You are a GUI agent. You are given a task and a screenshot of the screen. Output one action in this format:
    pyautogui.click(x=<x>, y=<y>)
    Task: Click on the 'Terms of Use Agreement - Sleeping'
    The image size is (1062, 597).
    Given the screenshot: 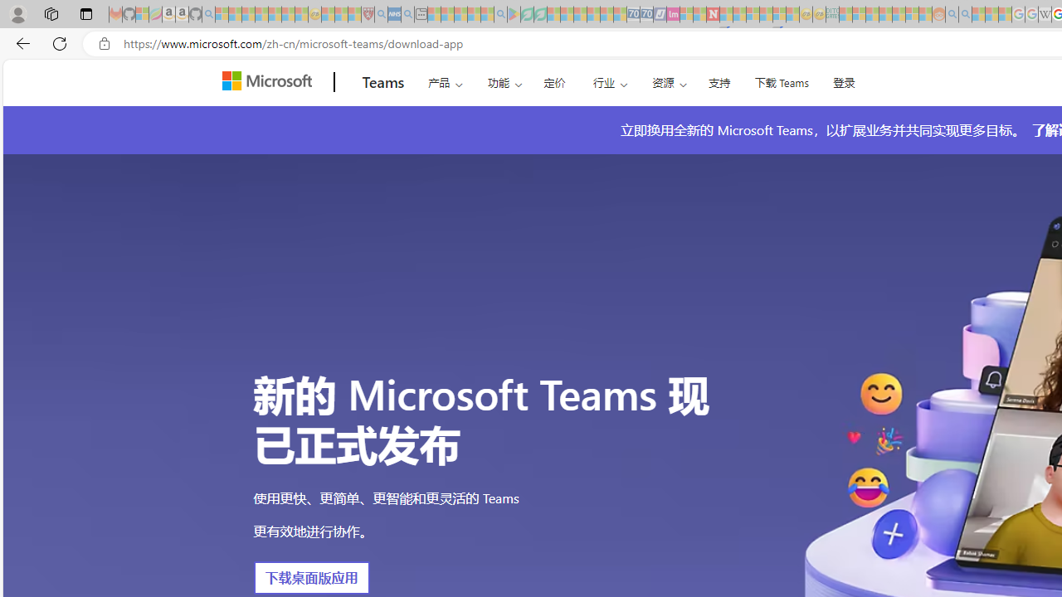 What is the action you would take?
    pyautogui.click(x=526, y=14)
    